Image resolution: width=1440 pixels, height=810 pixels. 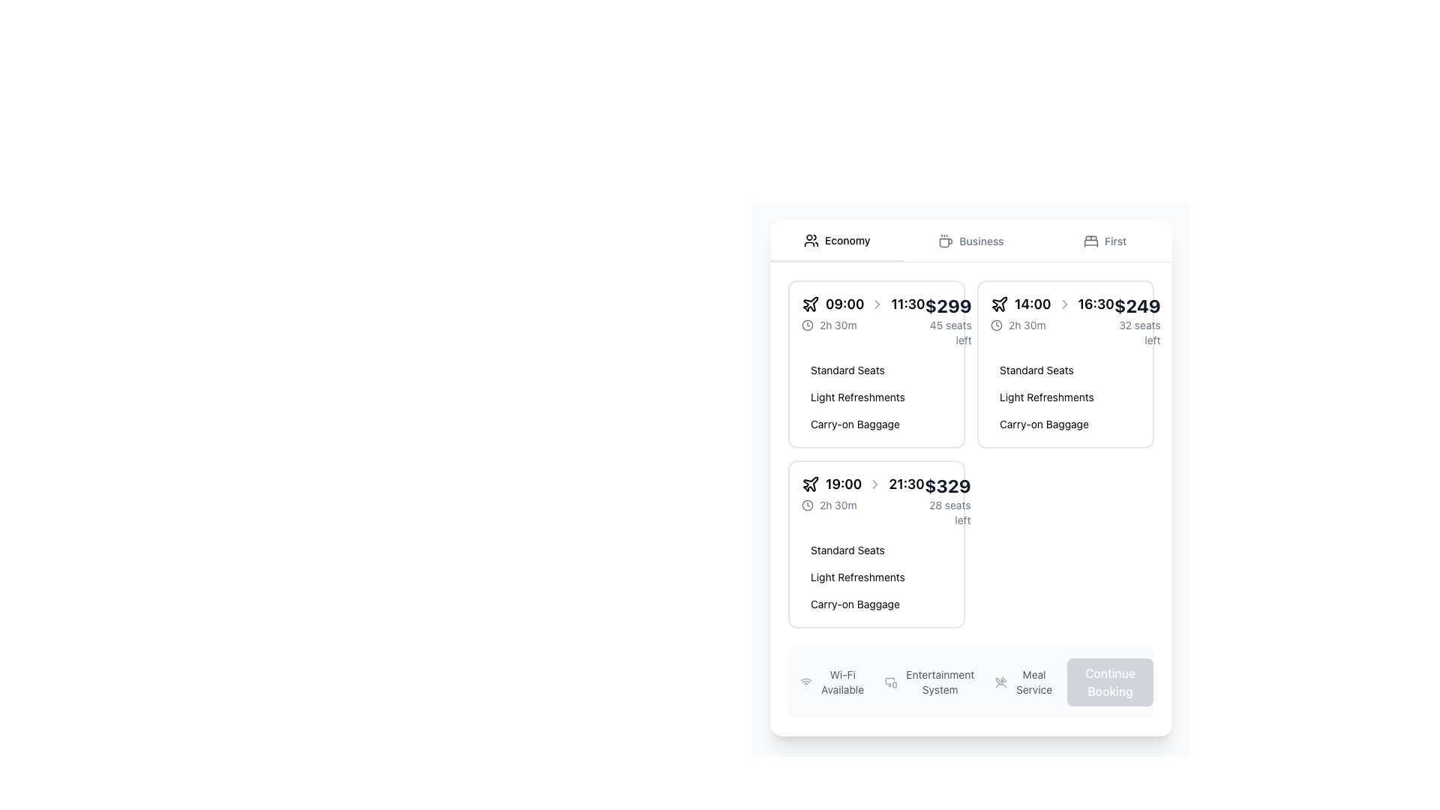 I want to click on the group of text labels styled as badges or tags that describe the amenities included in the associated travel option, located at the bottom-right section inside a card in the right column of a three-column layout, so click(x=1064, y=396).